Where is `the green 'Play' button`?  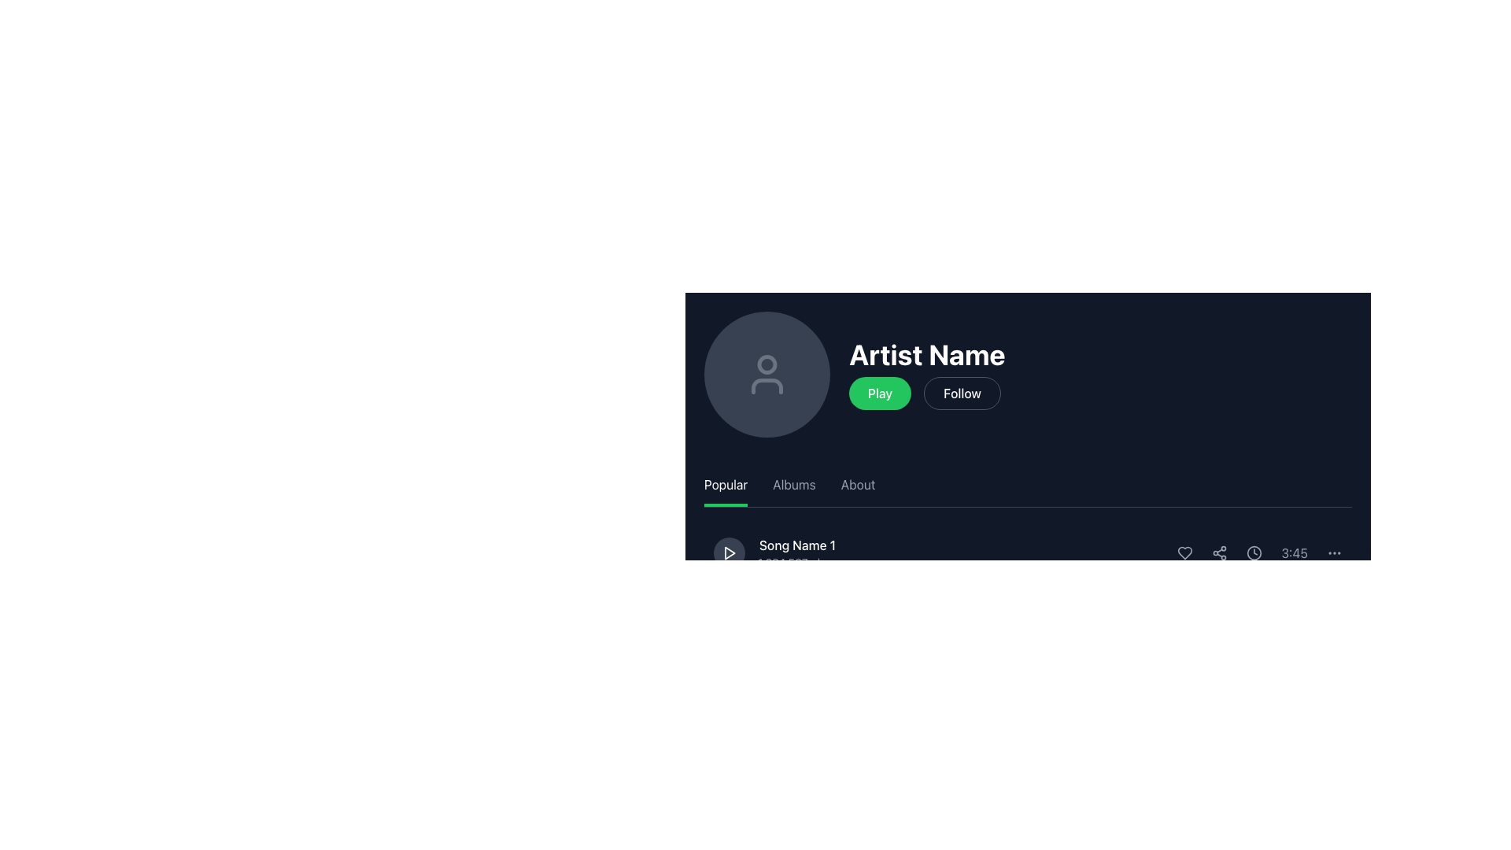 the green 'Play' button is located at coordinates (879, 393).